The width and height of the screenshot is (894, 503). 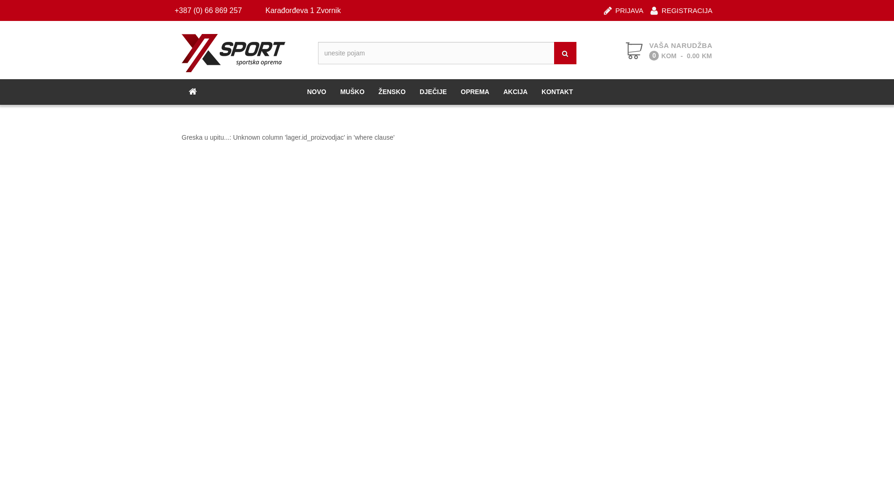 I want to click on 'OPREMA', so click(x=475, y=91).